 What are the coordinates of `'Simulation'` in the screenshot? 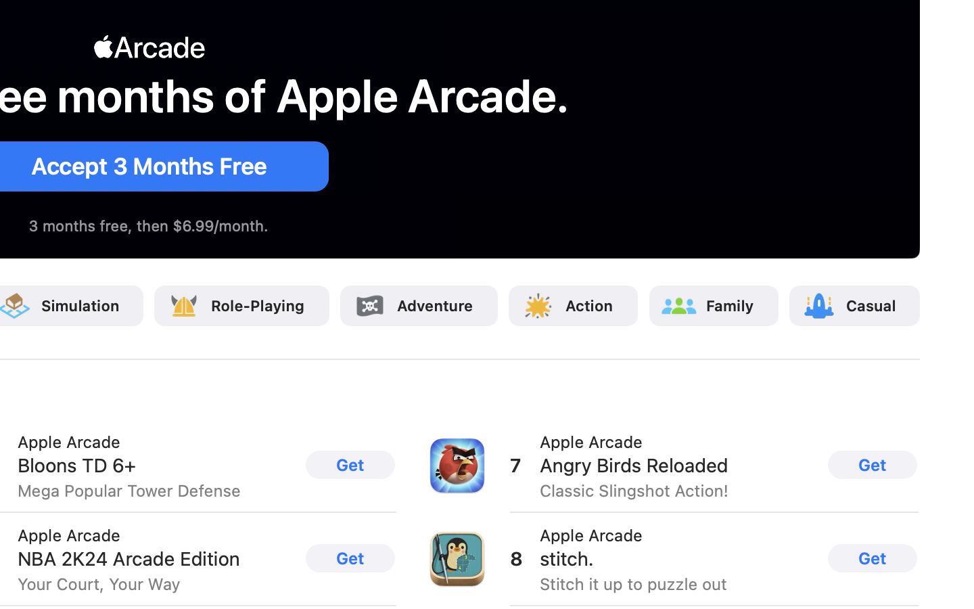 It's located at (79, 304).